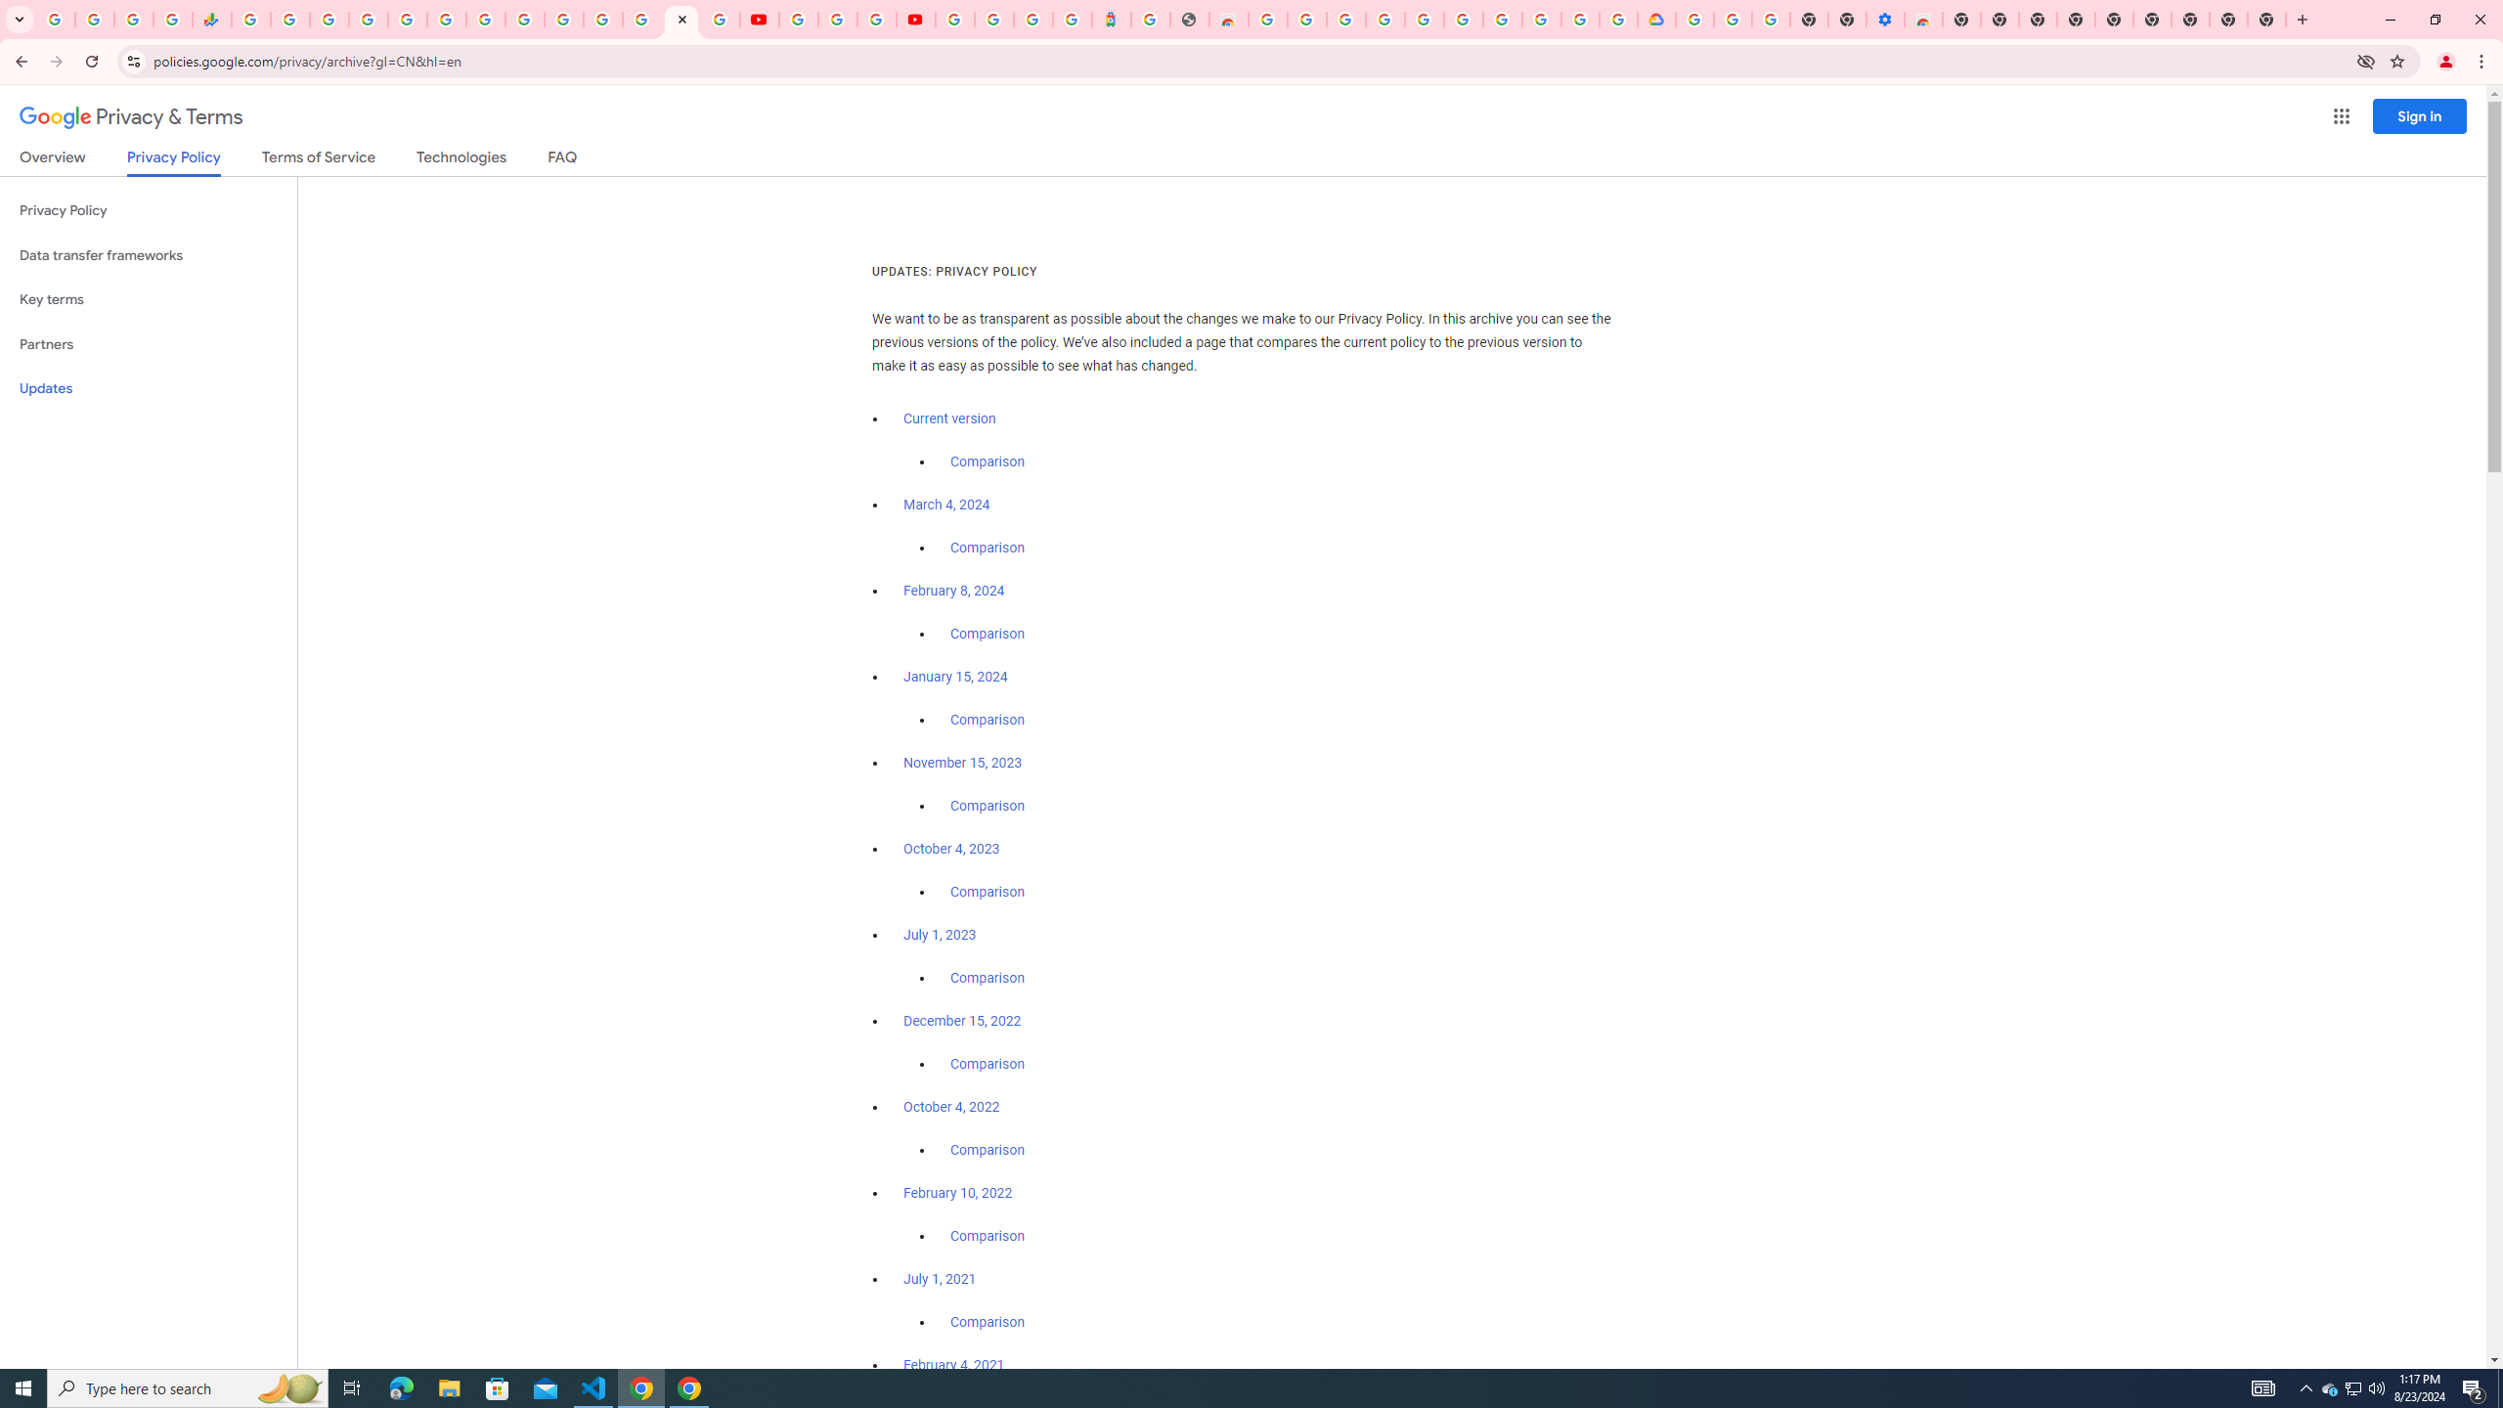 Image resolution: width=2503 pixels, height=1408 pixels. Describe the element at coordinates (797, 19) in the screenshot. I see `'YouTube'` at that location.